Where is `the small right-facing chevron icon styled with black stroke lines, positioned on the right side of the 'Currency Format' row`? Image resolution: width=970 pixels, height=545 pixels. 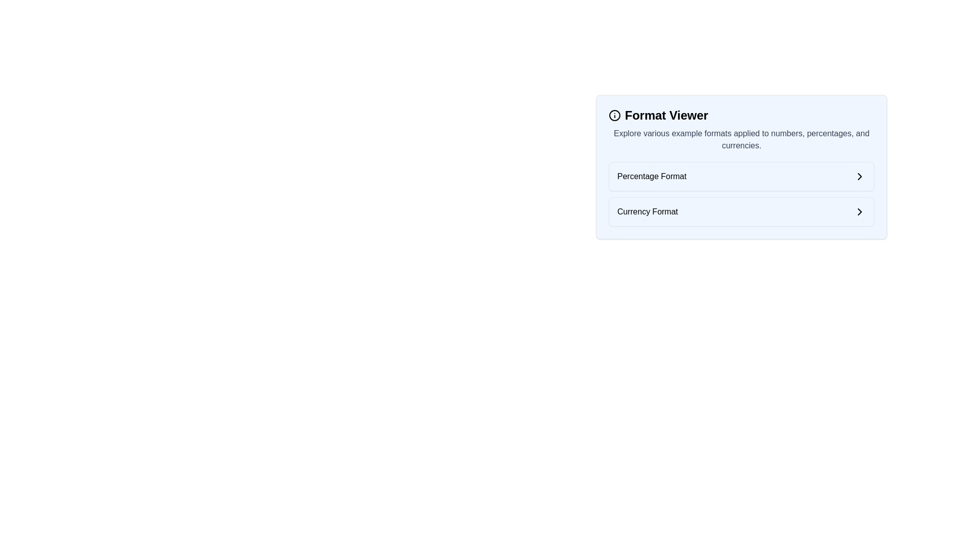
the small right-facing chevron icon styled with black stroke lines, positioned on the right side of the 'Currency Format' row is located at coordinates (859, 211).